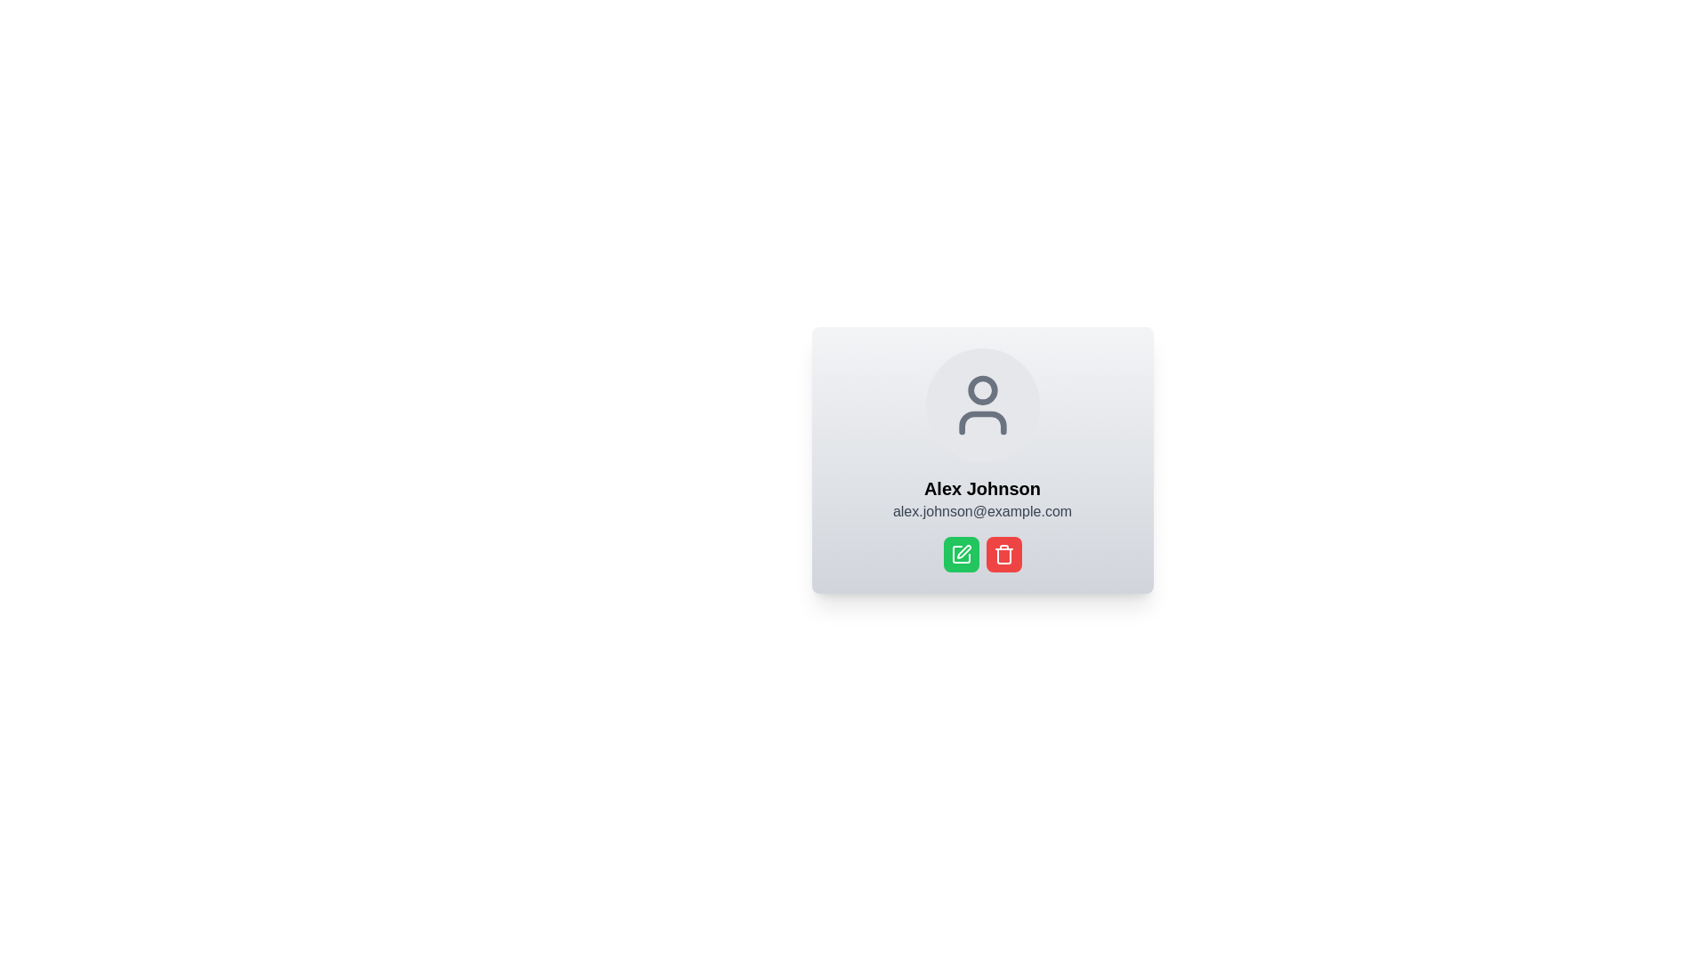  I want to click on the leftmost 'Edit' button located at the bottom center of the card to initiate the editing process for the associated user profile or data, so click(960, 554).